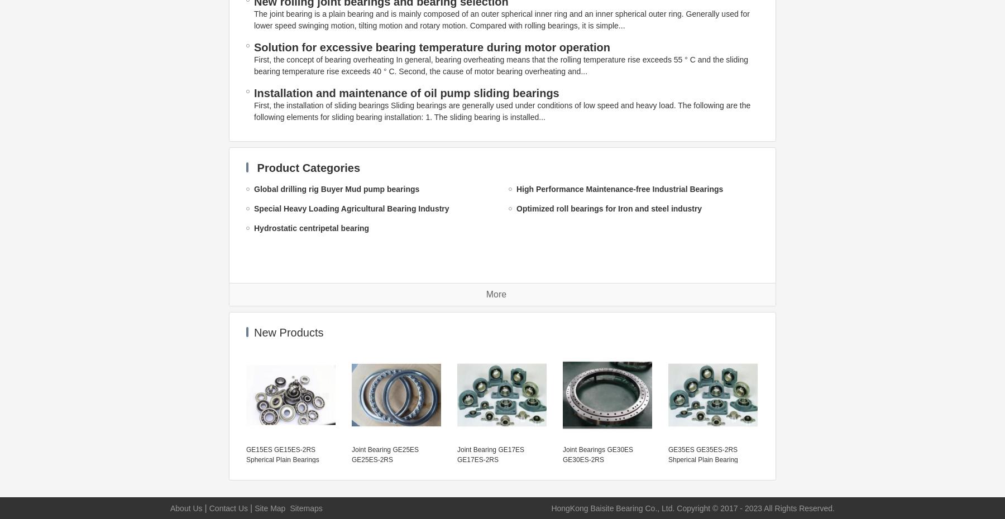  What do you see at coordinates (702, 454) in the screenshot?
I see `'GE35ES GE35ES-2RS Shperical Plain Bearing'` at bounding box center [702, 454].